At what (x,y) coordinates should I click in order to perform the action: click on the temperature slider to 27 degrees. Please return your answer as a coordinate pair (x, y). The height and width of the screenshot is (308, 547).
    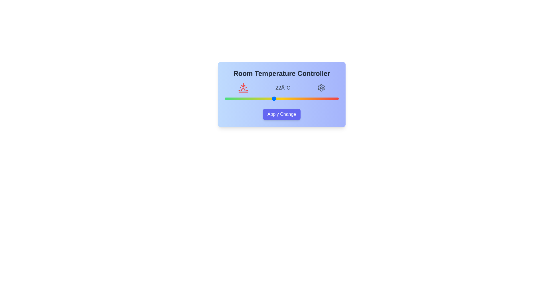
    Looking at the image, I should click on (314, 98).